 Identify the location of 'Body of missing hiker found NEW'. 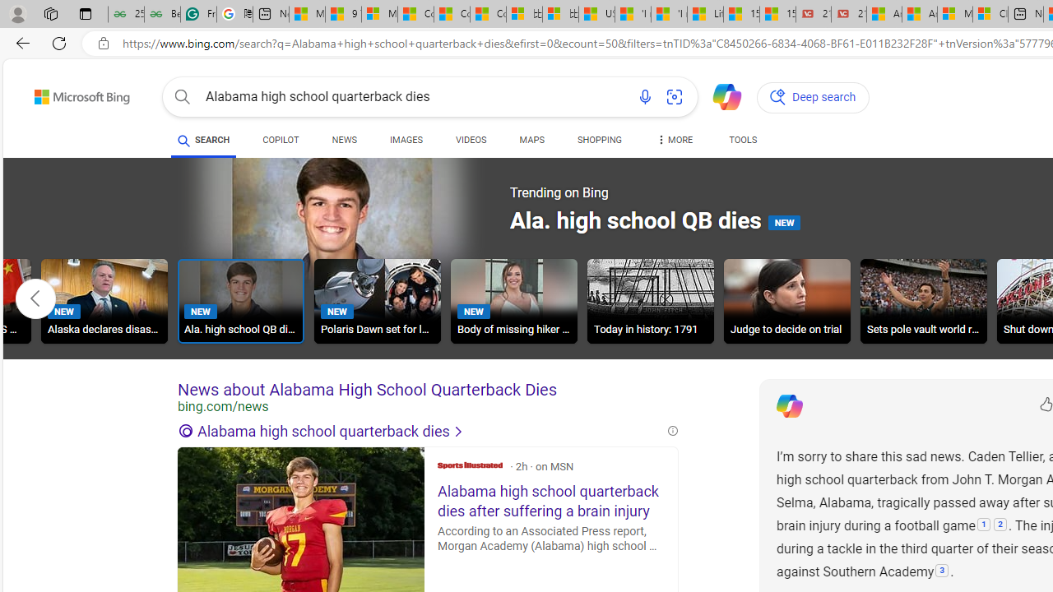
(513, 301).